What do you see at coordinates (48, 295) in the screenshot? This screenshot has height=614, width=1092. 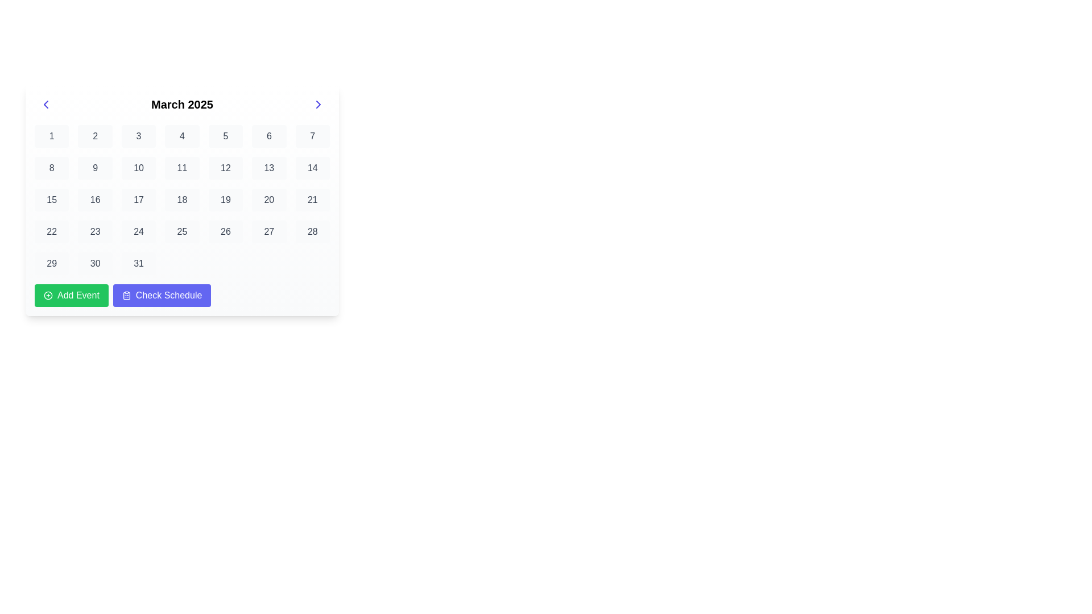 I see `the small circular icon with a plus sign inside, located to the left of the 'Add Event' button on the calendar interface` at bounding box center [48, 295].